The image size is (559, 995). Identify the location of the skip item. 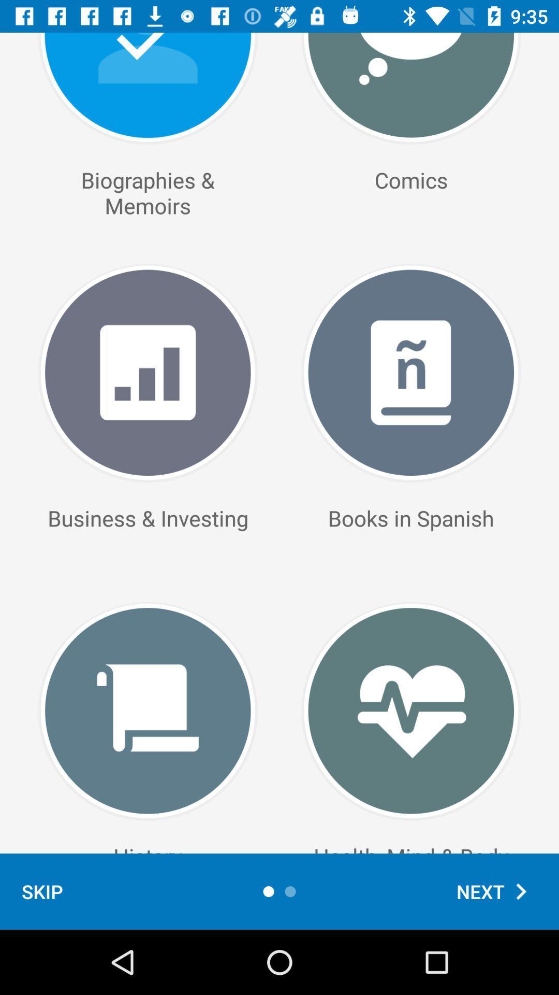
(41, 891).